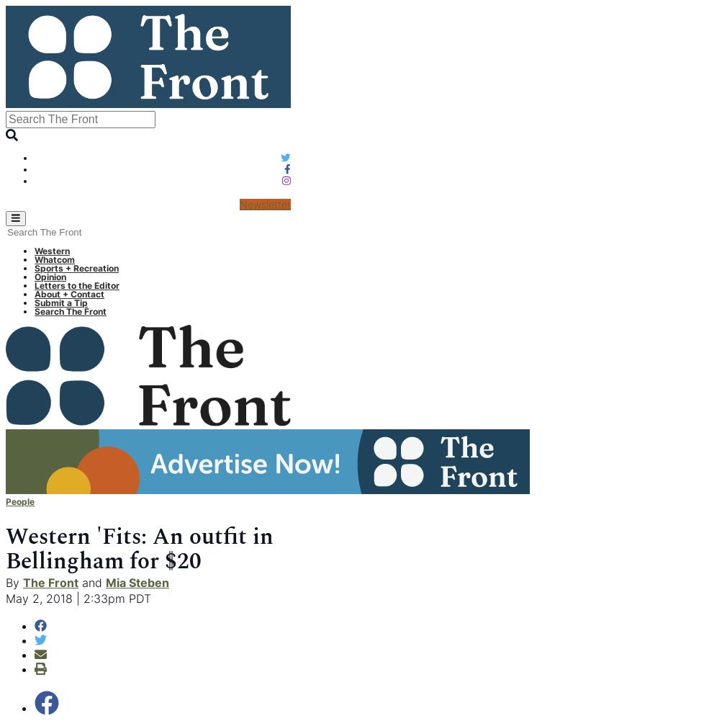  Describe the element at coordinates (78, 598) in the screenshot. I see `'May 2, 2018 | 2:33pm PDT'` at that location.